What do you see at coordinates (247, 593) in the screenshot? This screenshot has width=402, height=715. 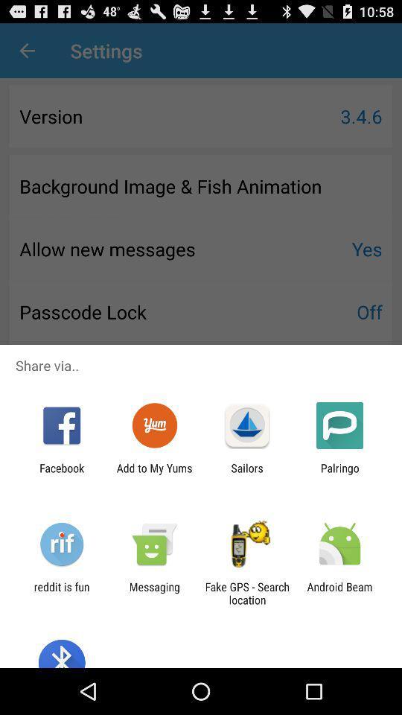 I see `the item to the left of android beam item` at bounding box center [247, 593].